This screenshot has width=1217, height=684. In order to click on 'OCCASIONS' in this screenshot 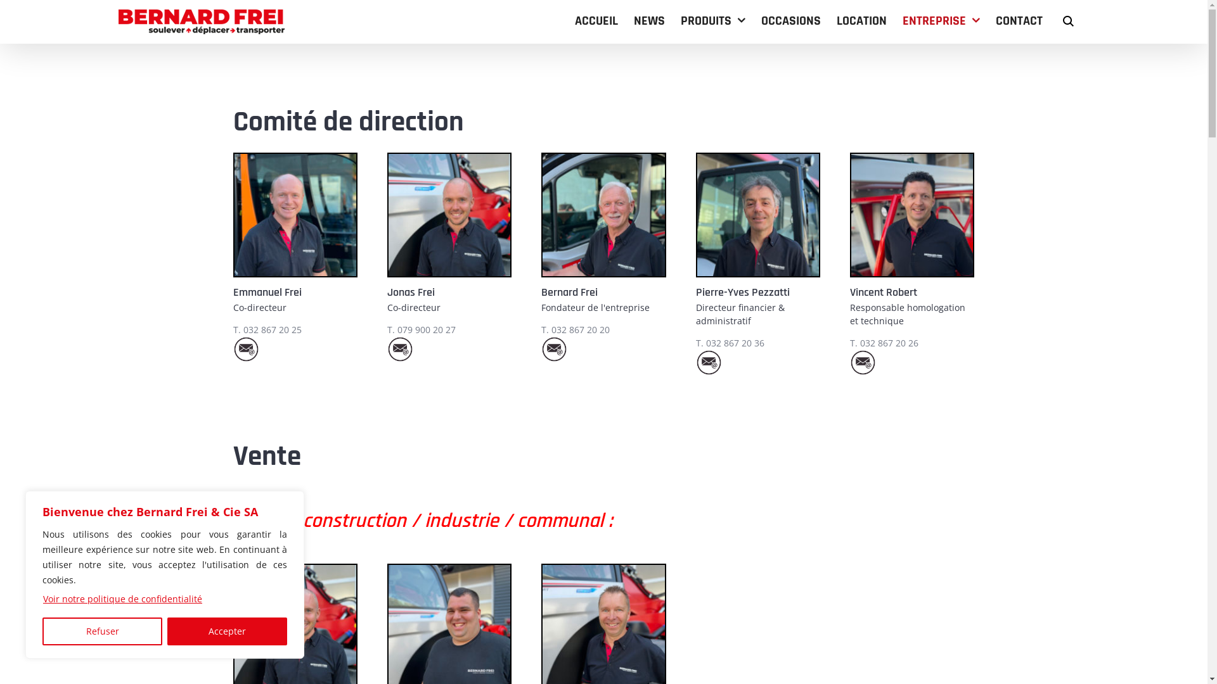, I will do `click(761, 20)`.